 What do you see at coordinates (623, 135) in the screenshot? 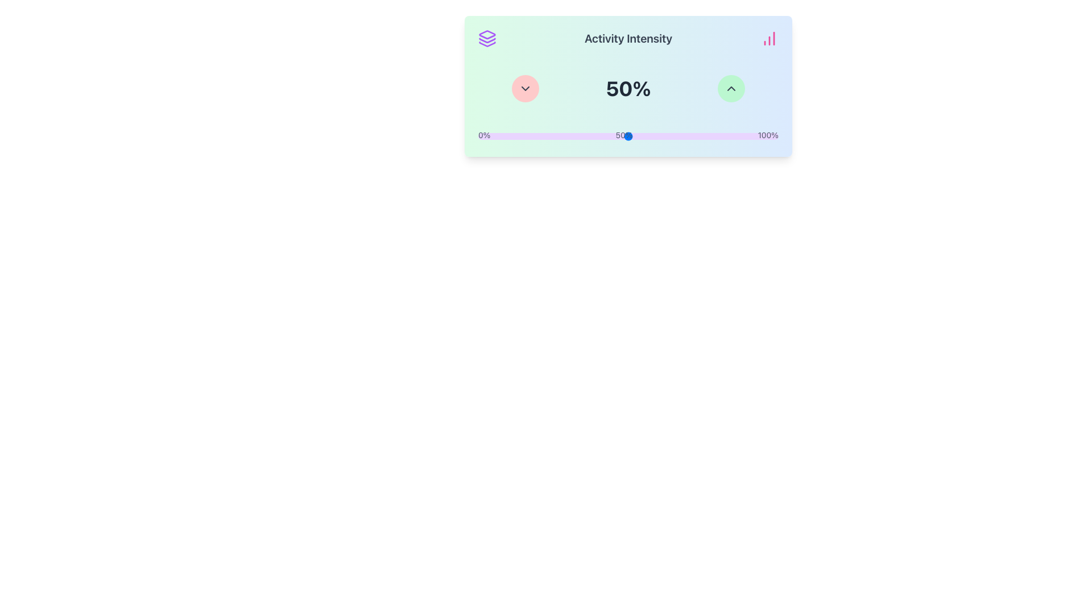
I see `the Text label that indicates the current value or percentage (50%) between '0%' and '100%' in the progress bar` at bounding box center [623, 135].